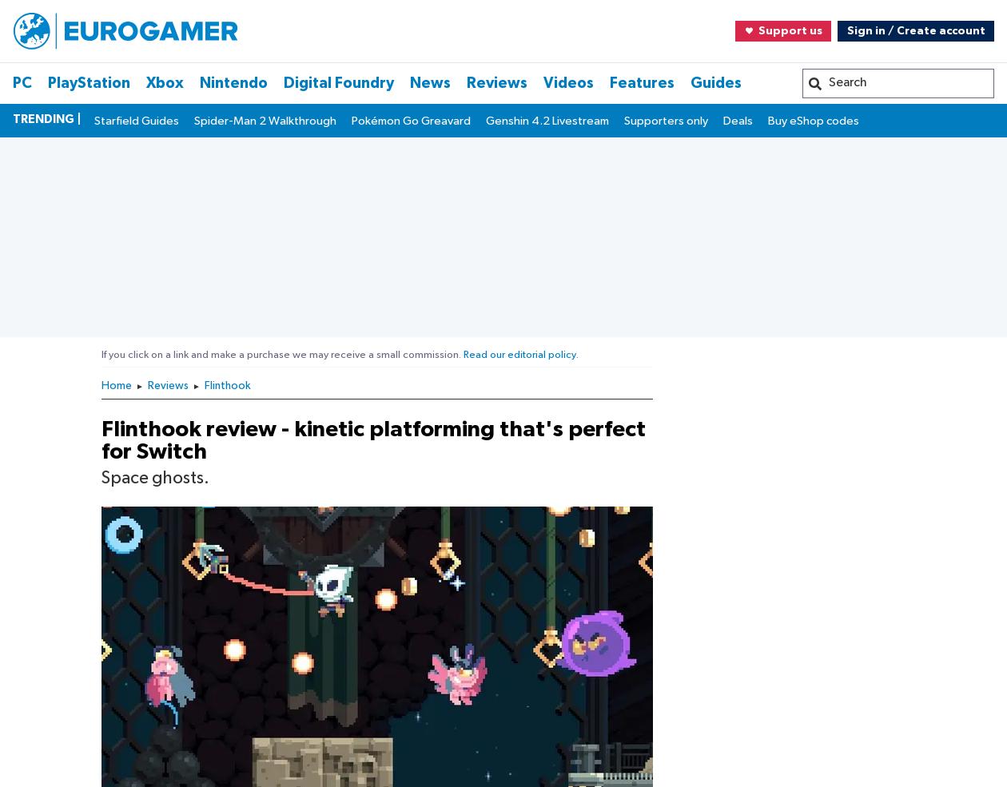 The height and width of the screenshot is (787, 1007). What do you see at coordinates (271, 324) in the screenshot?
I see `'All rights reserved. No part of this website or its content may be reproduced without the copyright owner's permission.'` at bounding box center [271, 324].